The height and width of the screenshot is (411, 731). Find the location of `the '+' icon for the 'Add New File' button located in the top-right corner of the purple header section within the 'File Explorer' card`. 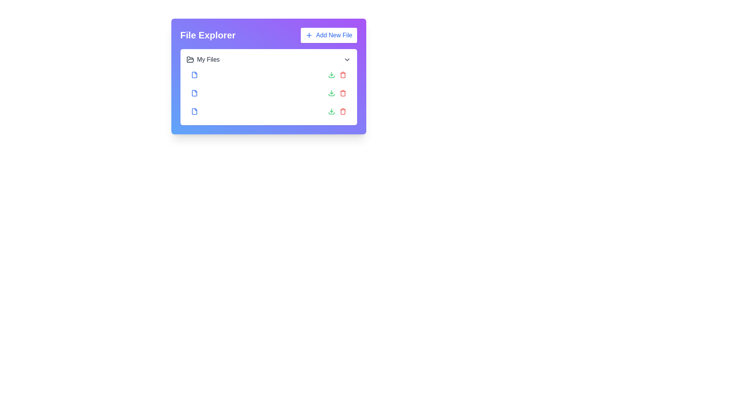

the '+' icon for the 'Add New File' button located in the top-right corner of the purple header section within the 'File Explorer' card is located at coordinates (309, 35).